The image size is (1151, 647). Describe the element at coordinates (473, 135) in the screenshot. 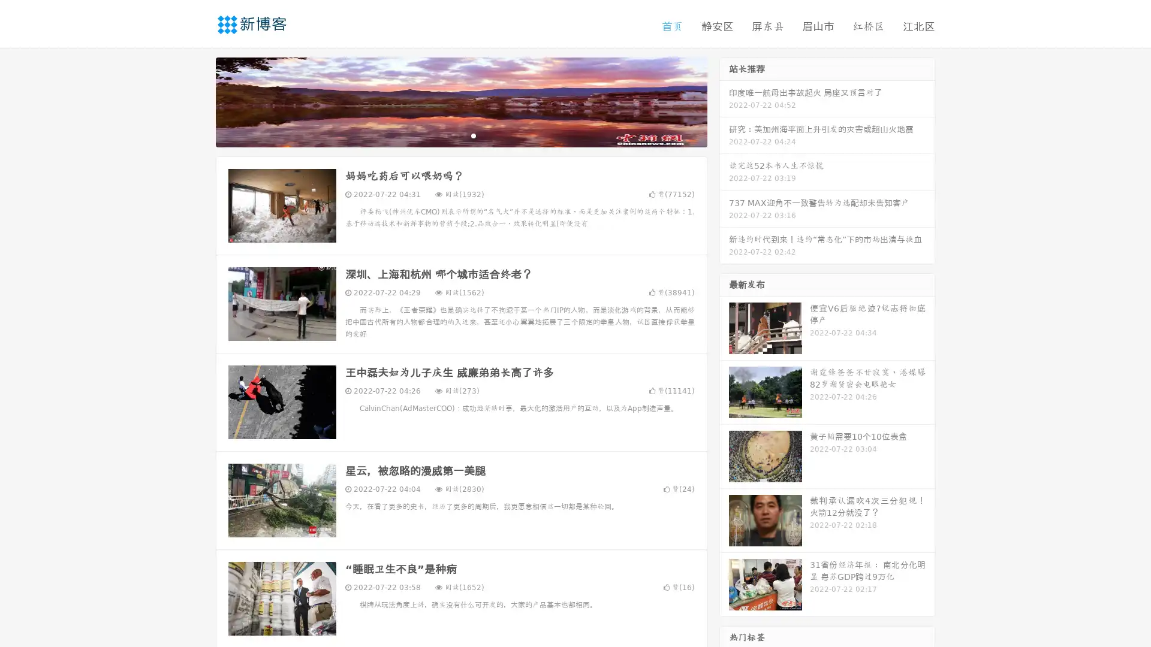

I see `Go to slide 3` at that location.